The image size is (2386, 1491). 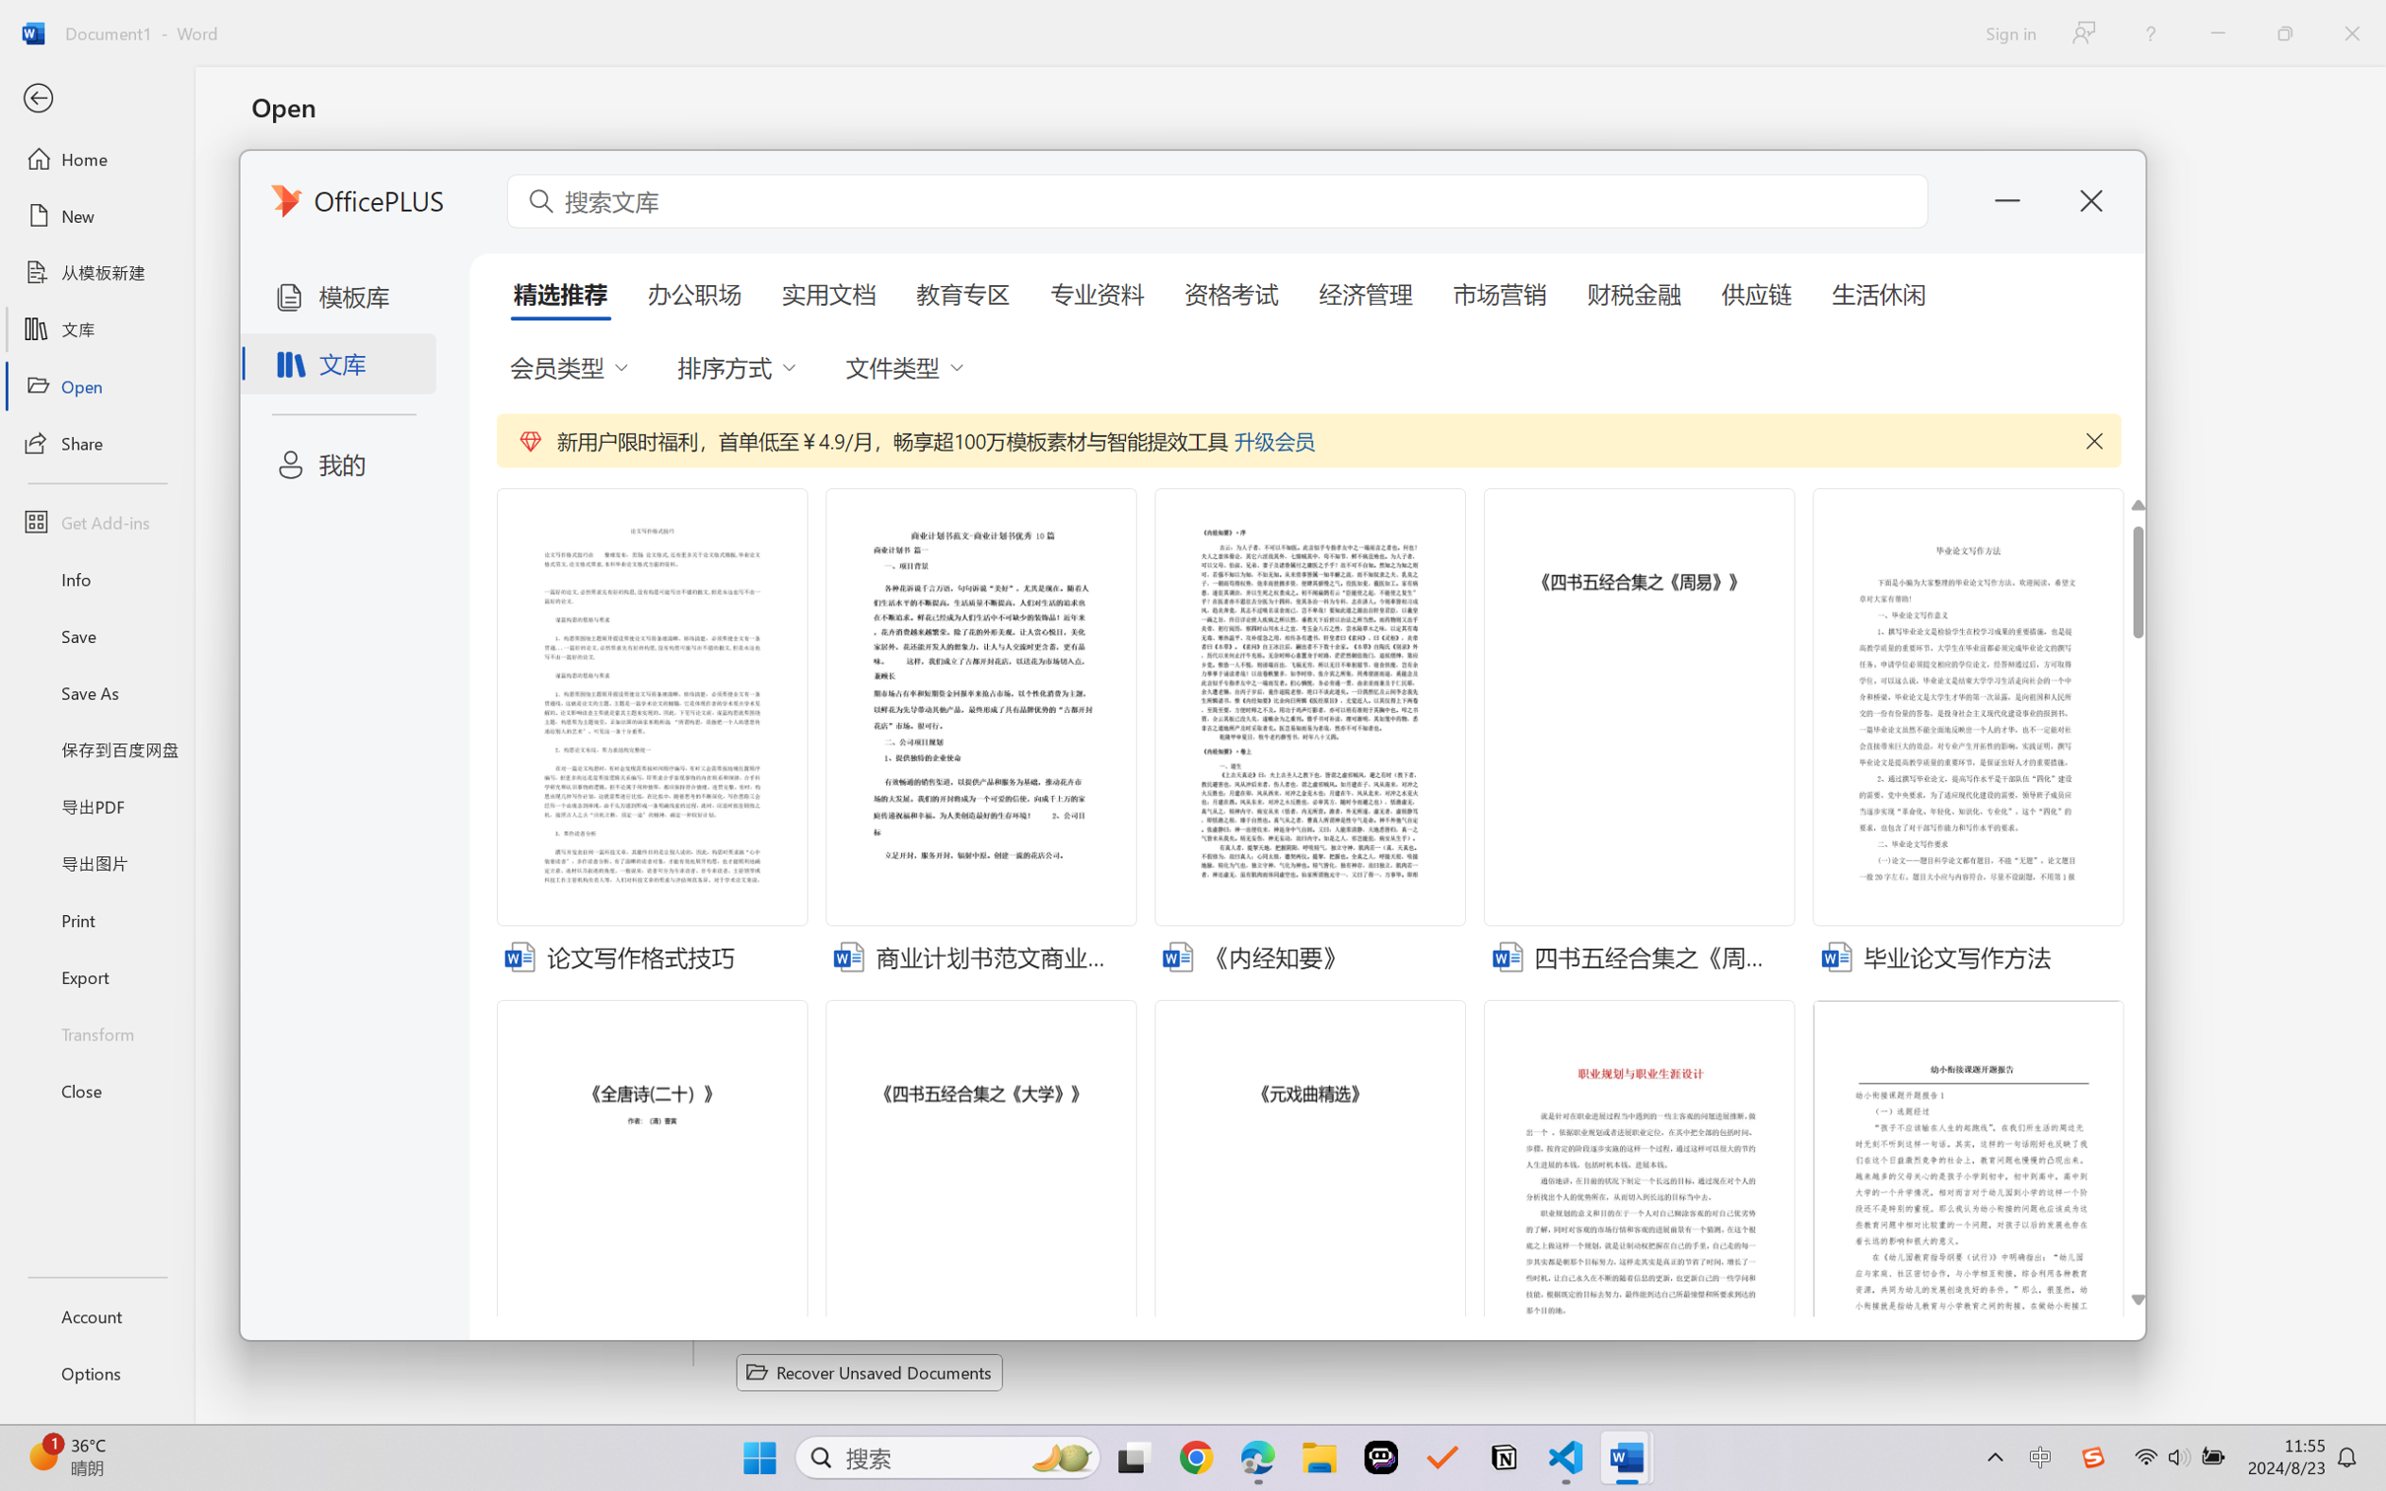 What do you see at coordinates (1834, 954) in the screenshot?
I see `'Class: ___510cvc0 f64fuq3 fjamq6b f11u7vat'` at bounding box center [1834, 954].